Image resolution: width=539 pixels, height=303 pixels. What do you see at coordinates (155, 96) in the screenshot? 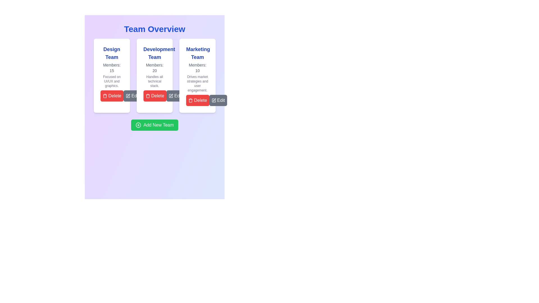
I see `the deletion button located to the left of the gray 'Edit' button within the 'Development Team' card` at bounding box center [155, 96].